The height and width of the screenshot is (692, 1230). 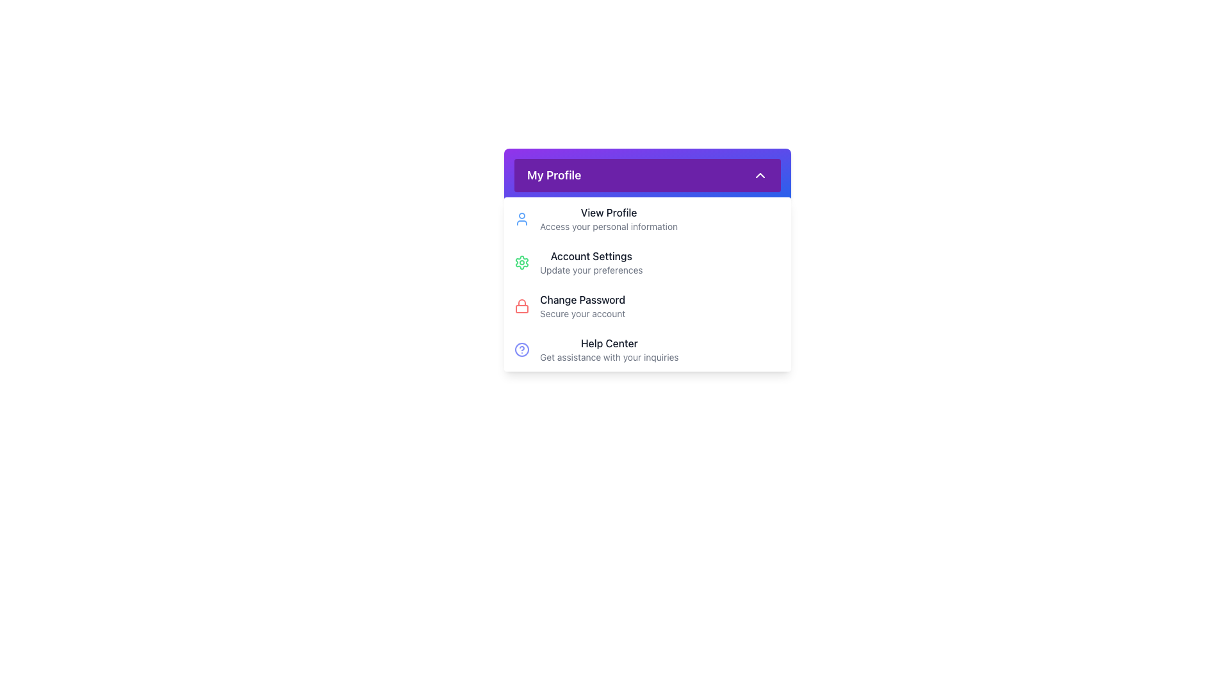 I want to click on the account settings button located in the dropdown menu titled 'My Profile', which is the second item below 'View Profile', so click(x=648, y=261).